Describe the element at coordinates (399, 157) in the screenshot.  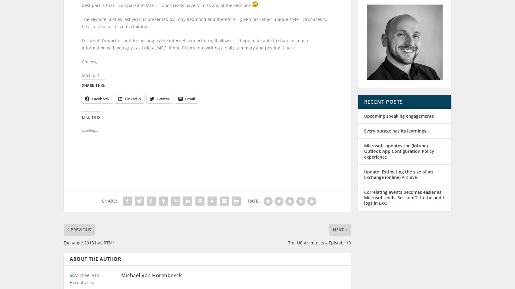
I see `'Microsoft updates the (Intune) Outlook App Configuration Policy experience'` at that location.